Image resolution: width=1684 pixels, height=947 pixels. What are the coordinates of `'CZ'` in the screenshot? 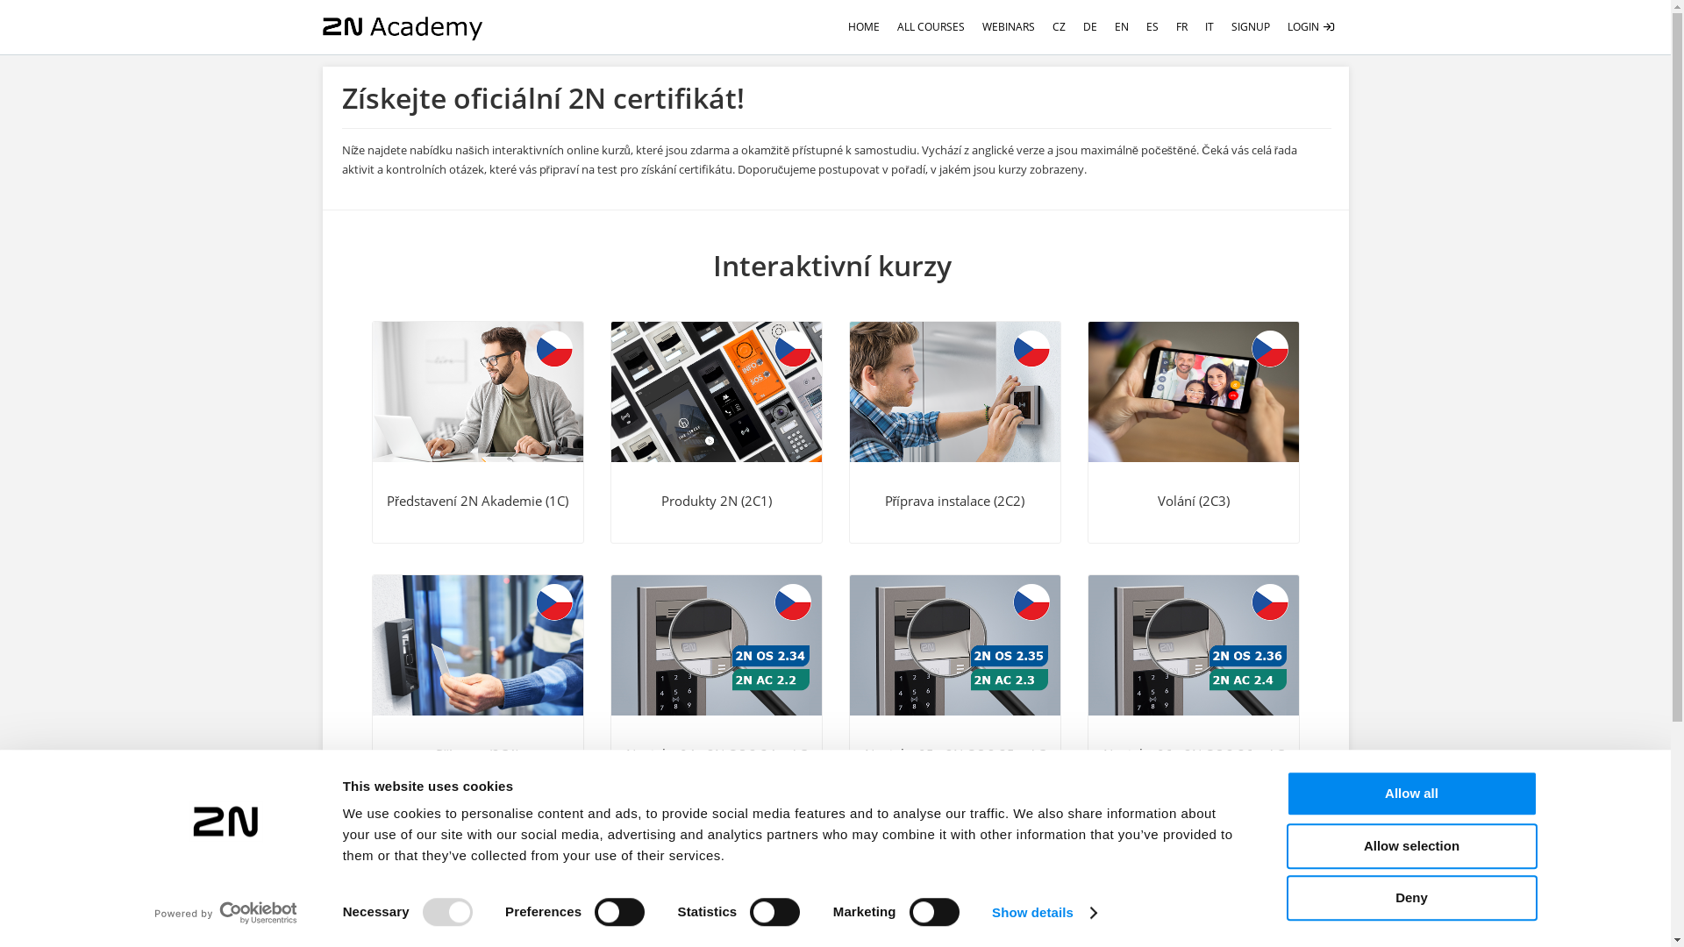 It's located at (1058, 26).